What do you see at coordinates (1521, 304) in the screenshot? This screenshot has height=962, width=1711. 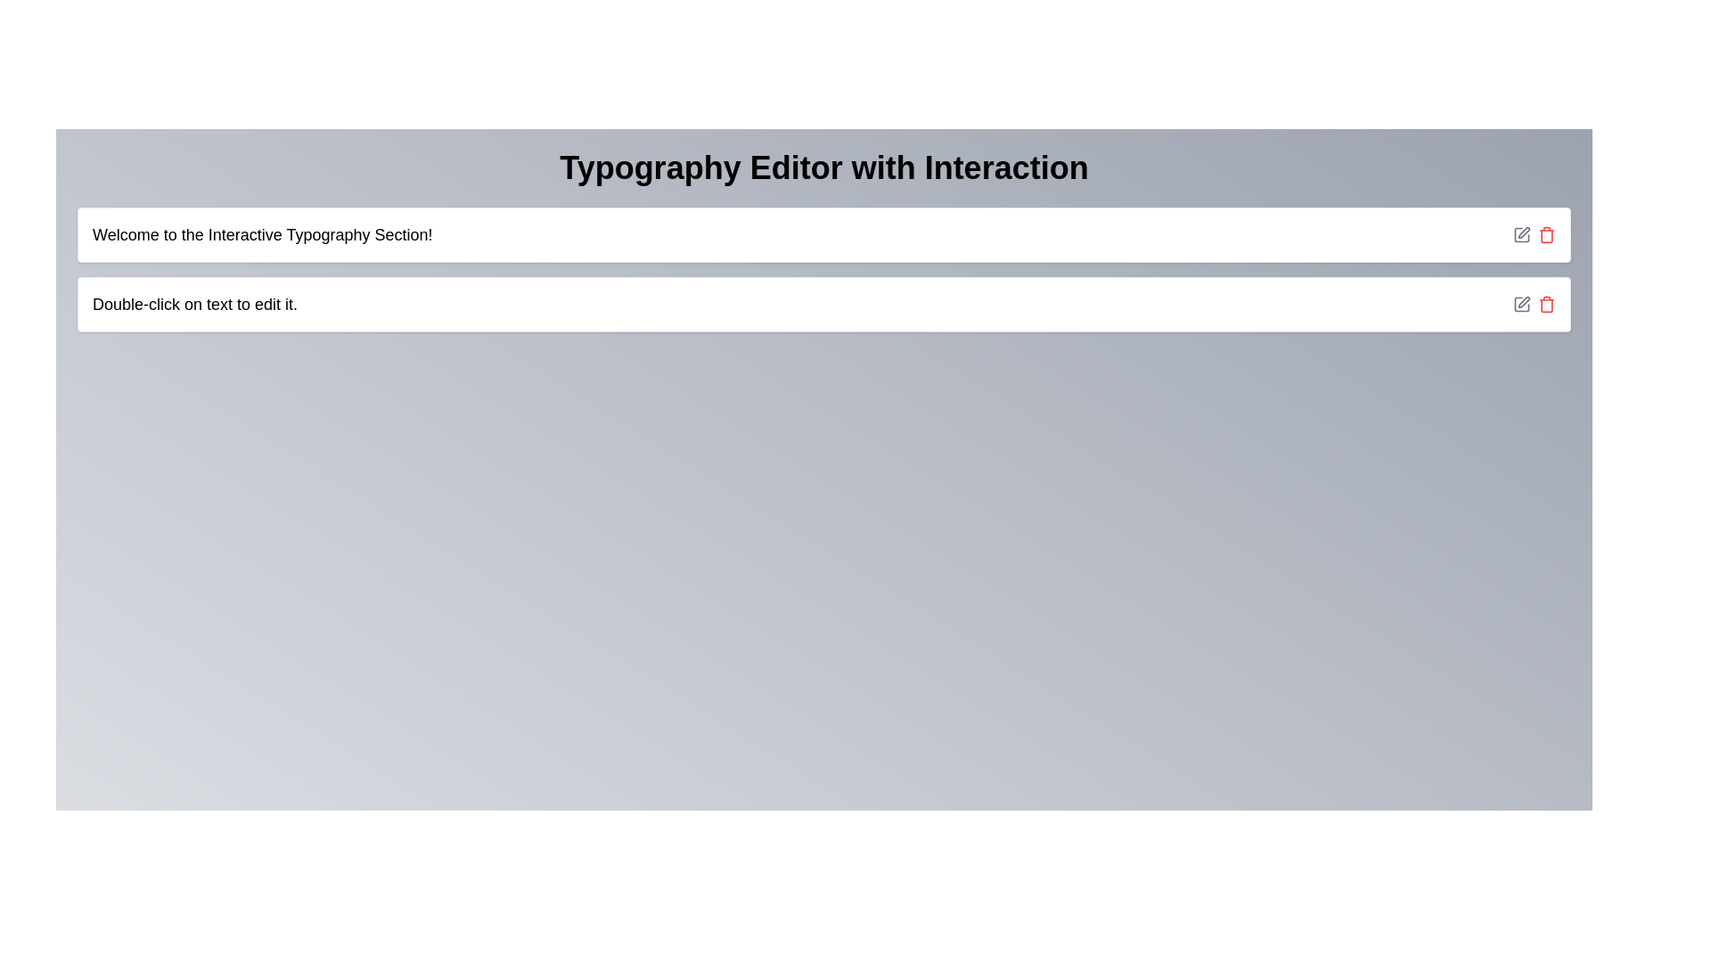 I see `the edit icon, which resembles a small square with a pen overlay, located at the leftmost position near the right edge of the second text box` at bounding box center [1521, 304].